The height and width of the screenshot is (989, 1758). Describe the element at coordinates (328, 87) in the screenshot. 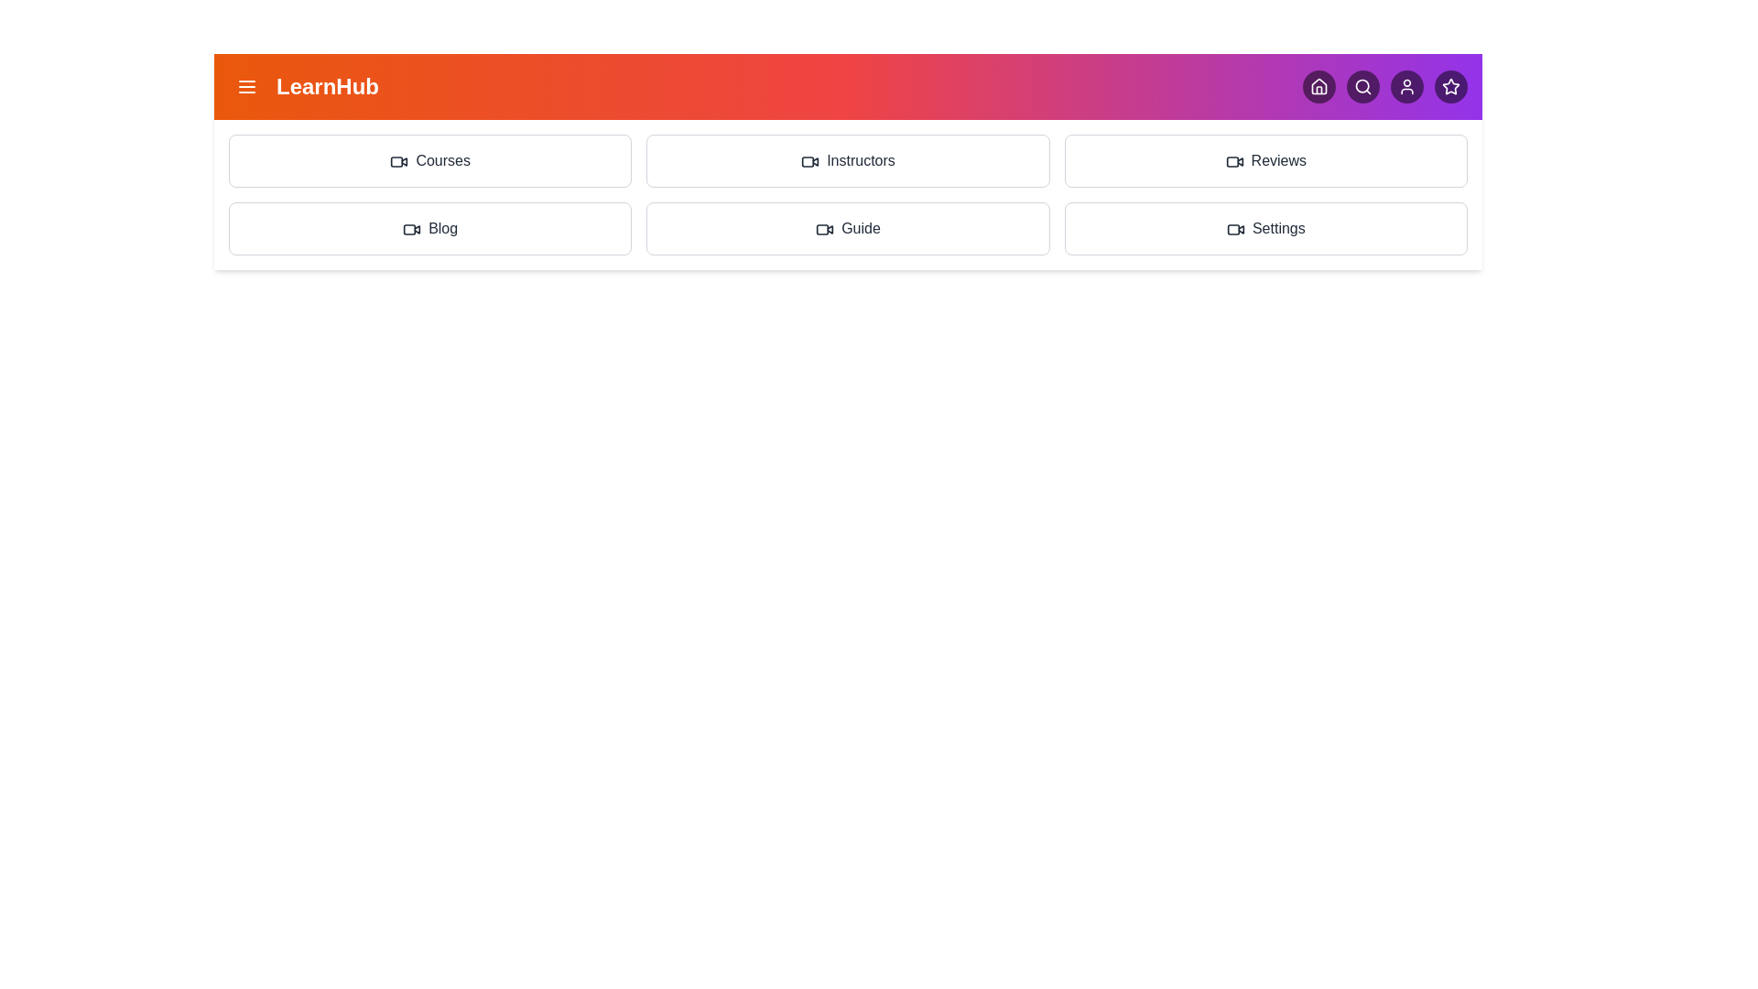

I see `the header text 'LearnHub'` at that location.